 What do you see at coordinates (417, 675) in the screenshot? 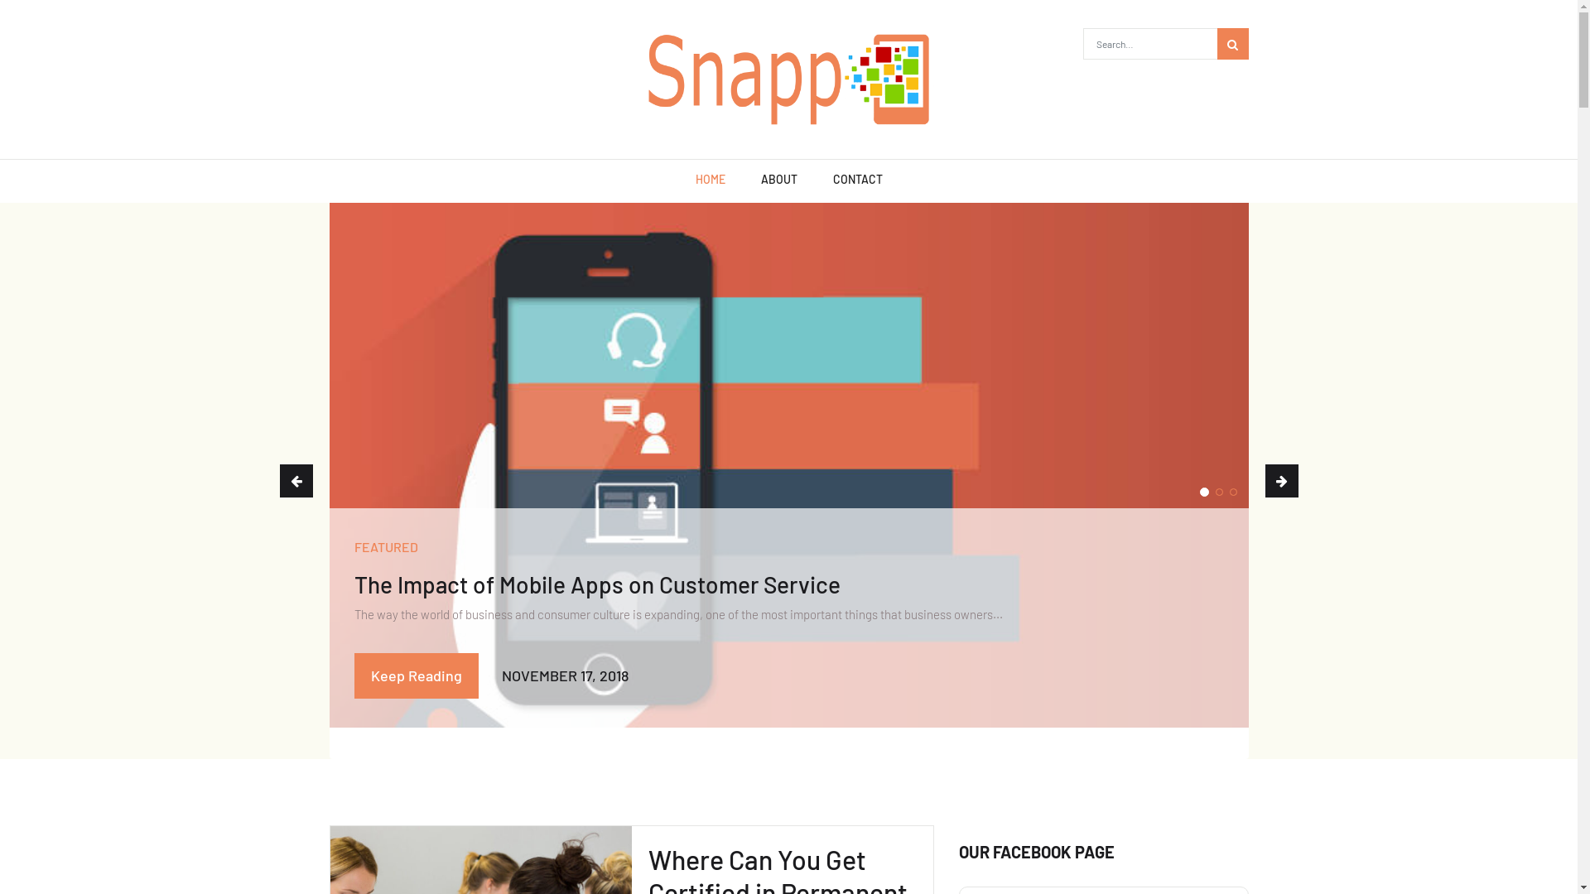
I see `'Keep Reading'` at bounding box center [417, 675].